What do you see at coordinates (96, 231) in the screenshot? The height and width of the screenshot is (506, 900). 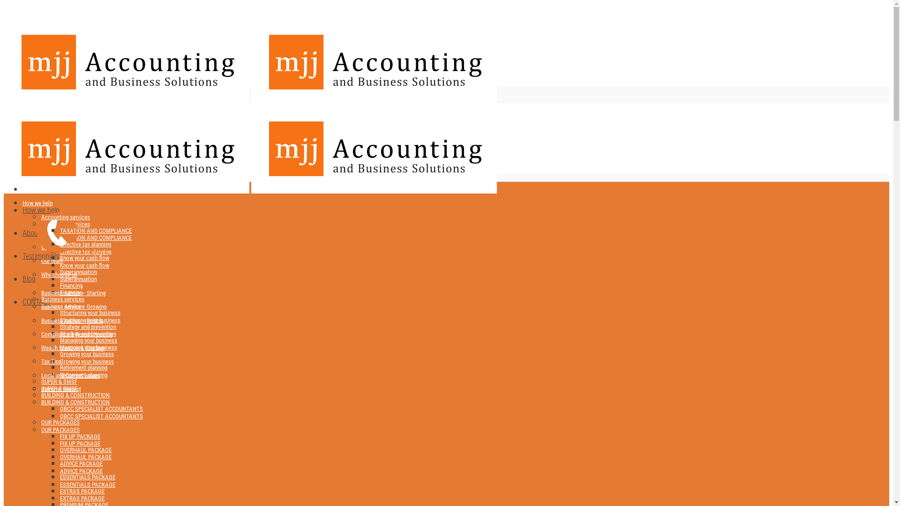 I see `'TAXATION AND COMPLIANCE'` at bounding box center [96, 231].